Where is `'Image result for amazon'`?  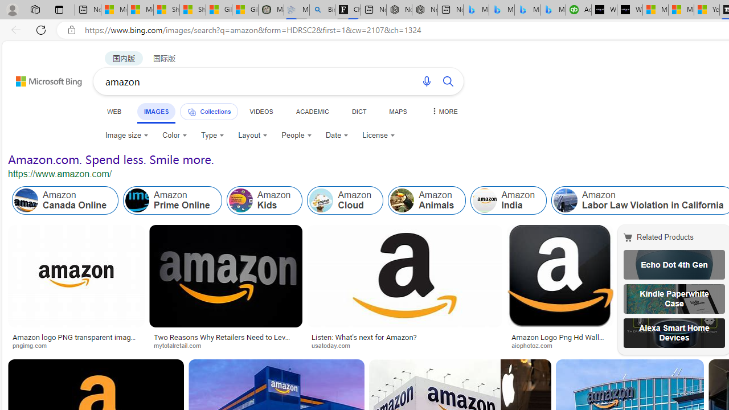
'Image result for amazon' is located at coordinates (560, 276).